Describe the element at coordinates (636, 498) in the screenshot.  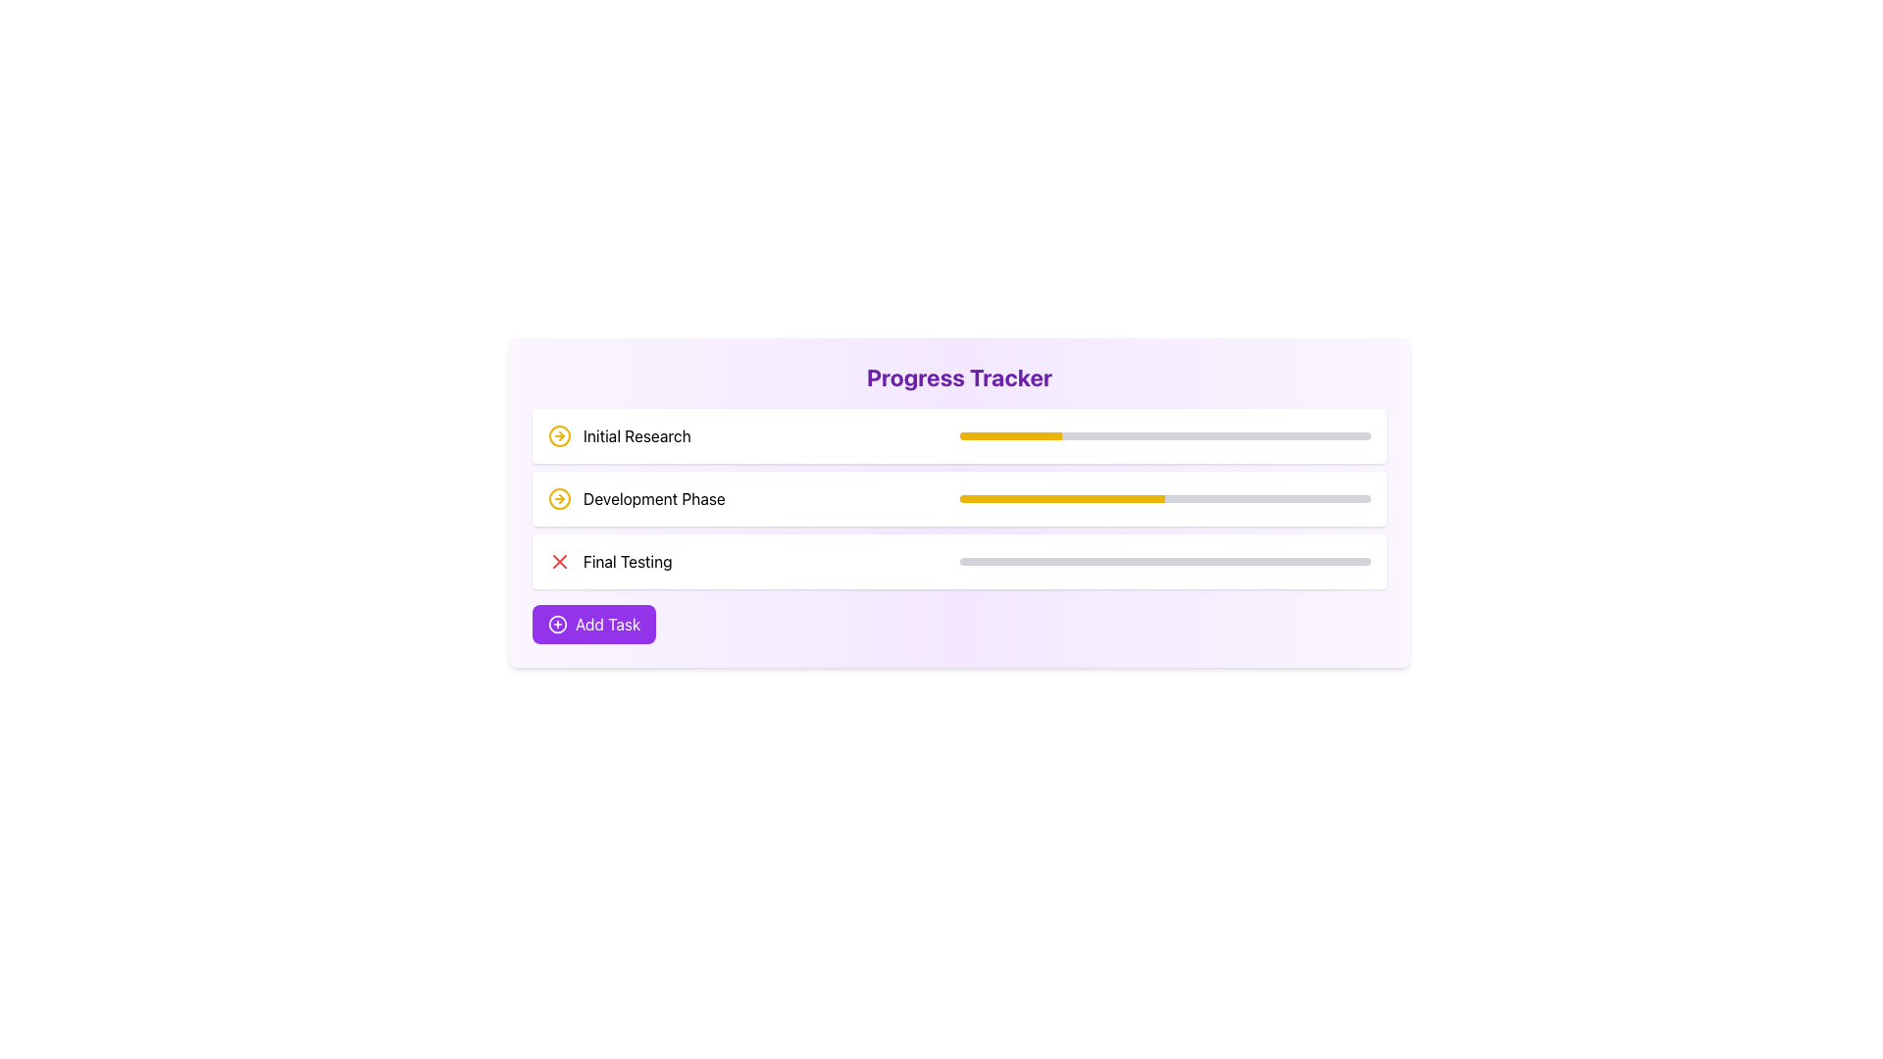
I see `the 'Development Phase' text with icon in the Progress Tracker list, which is the second item below 'Initial Research' and above 'Final Testing'` at that location.